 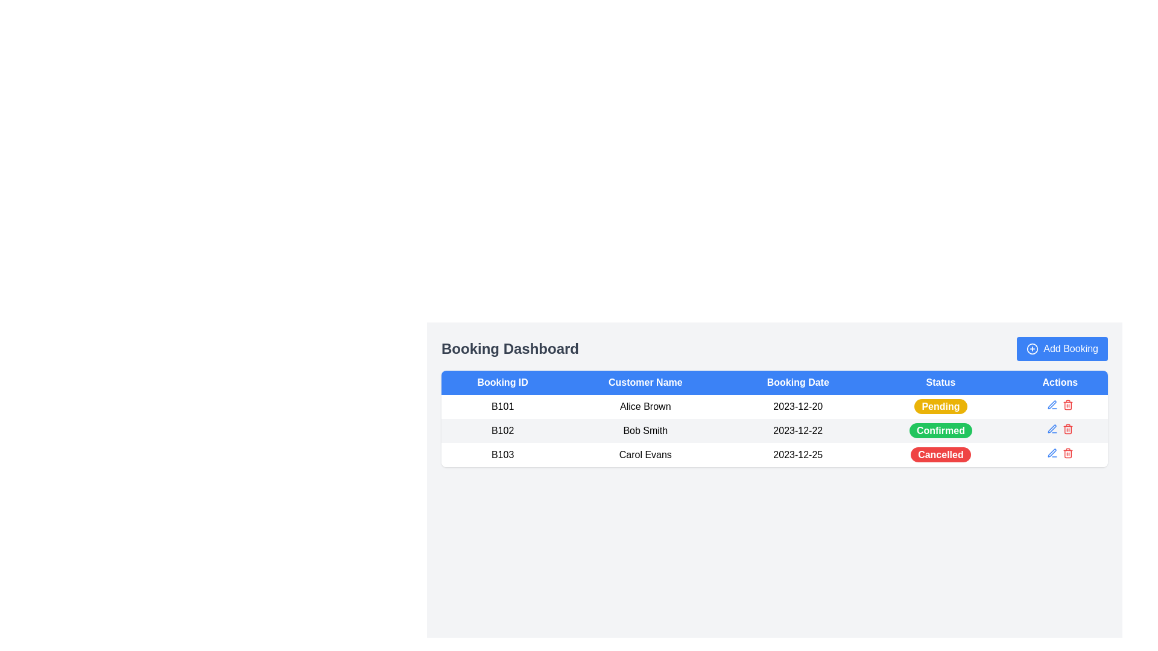 What do you see at coordinates (1051, 429) in the screenshot?
I see `the blue pen icon in the 'Actions' column of the second table row, which is associated with Booking ID 'B102'` at bounding box center [1051, 429].